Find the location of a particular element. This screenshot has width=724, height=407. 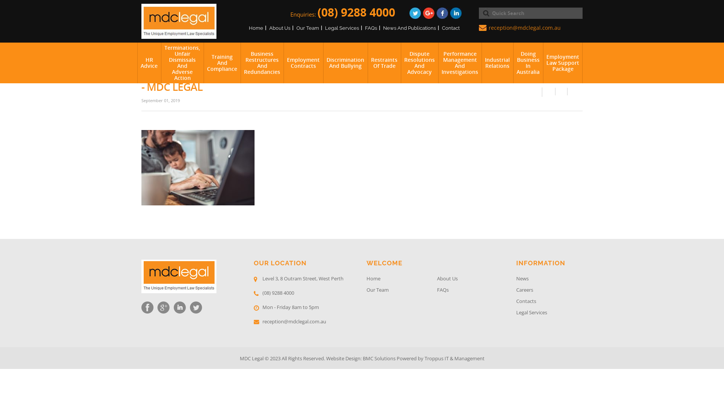

'Our Team' is located at coordinates (308, 28).